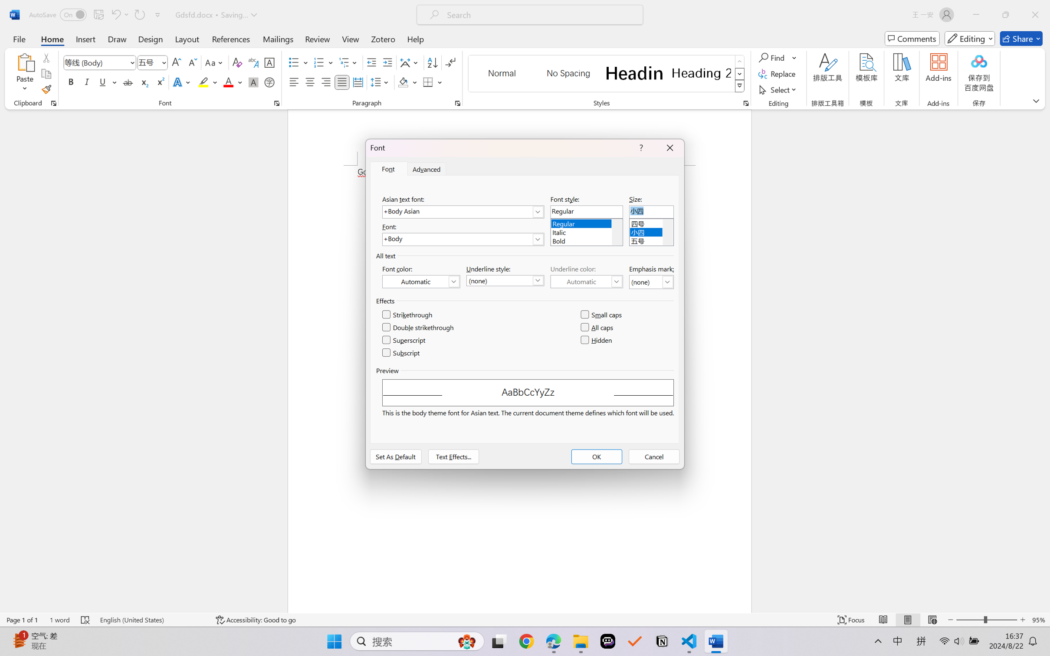  I want to click on 'Poe', so click(607, 641).